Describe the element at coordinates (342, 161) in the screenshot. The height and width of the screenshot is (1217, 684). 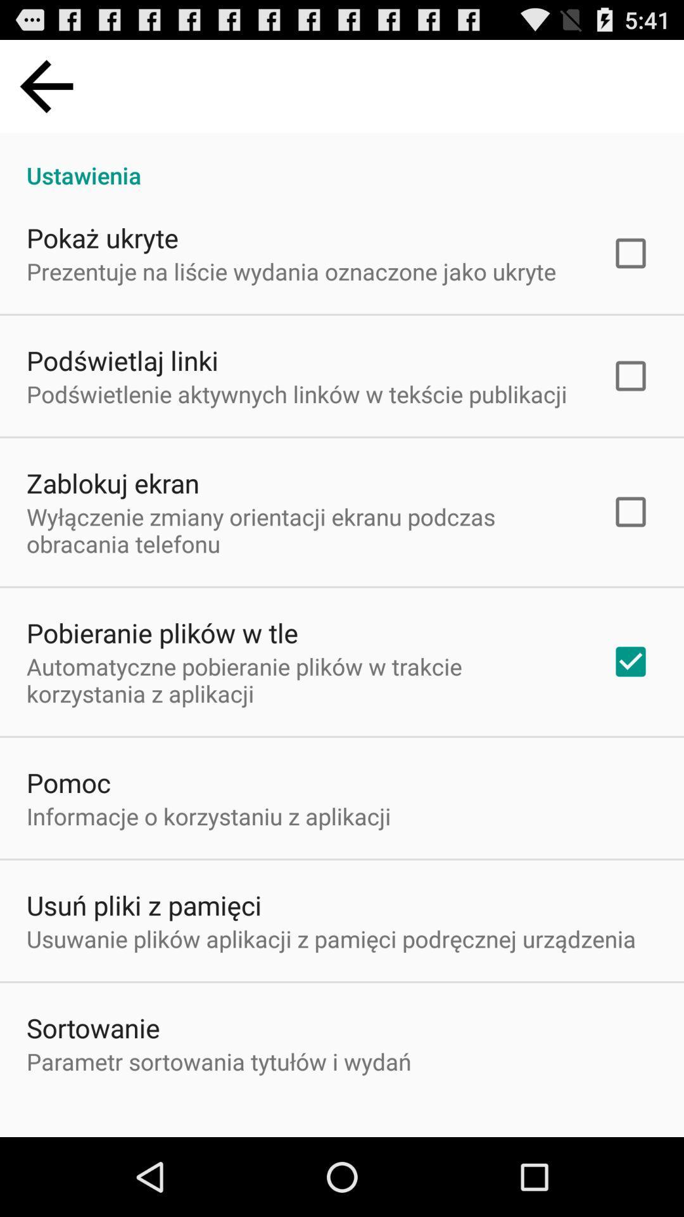
I see `ustawienia item` at that location.